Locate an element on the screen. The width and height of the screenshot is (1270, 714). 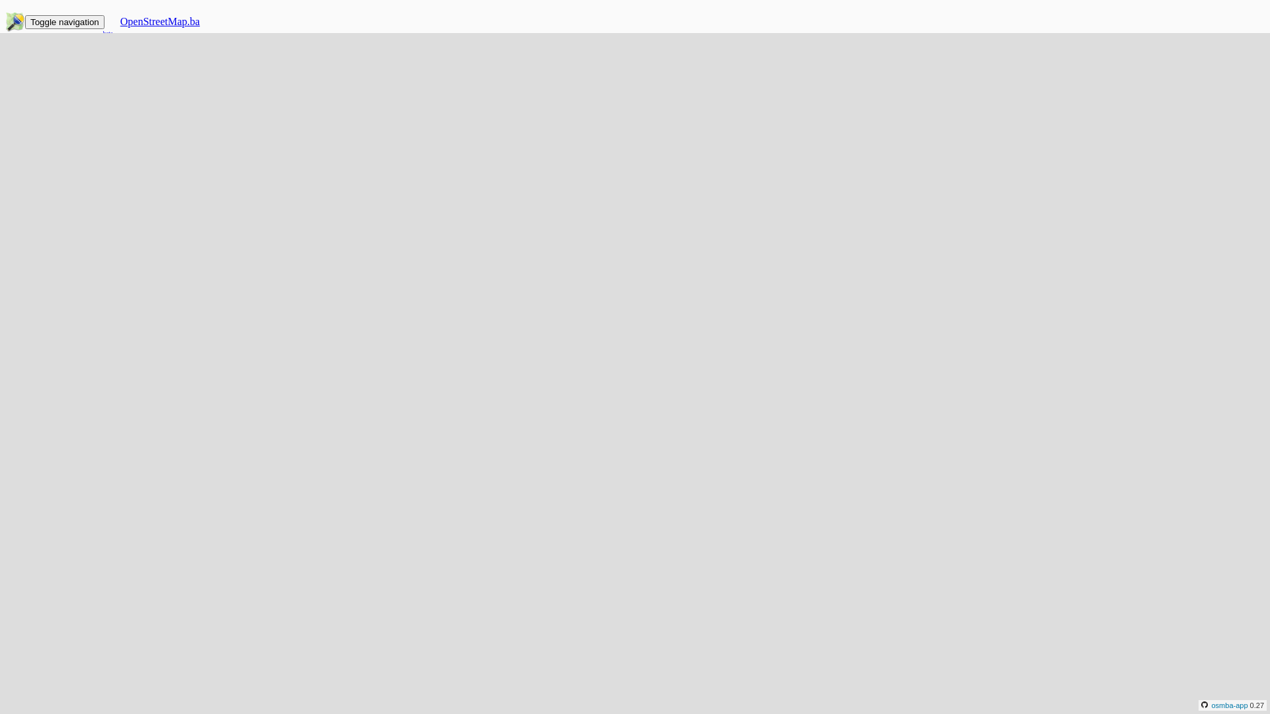
'Zajednica' is located at coordinates (32, 66).